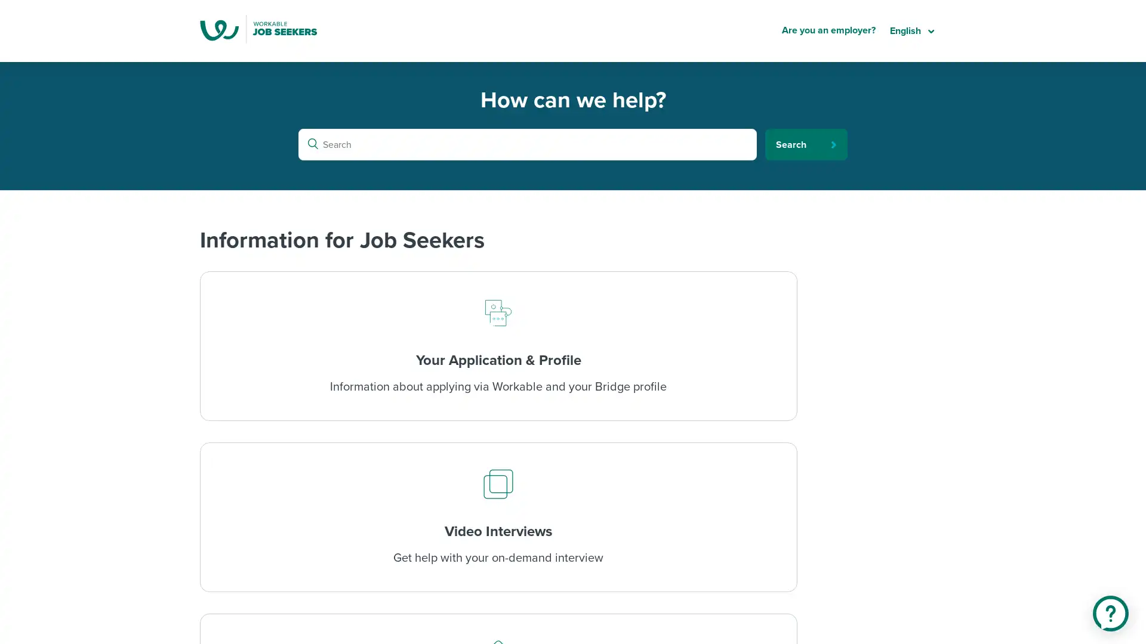 The width and height of the screenshot is (1146, 644). I want to click on Search, so click(806, 144).